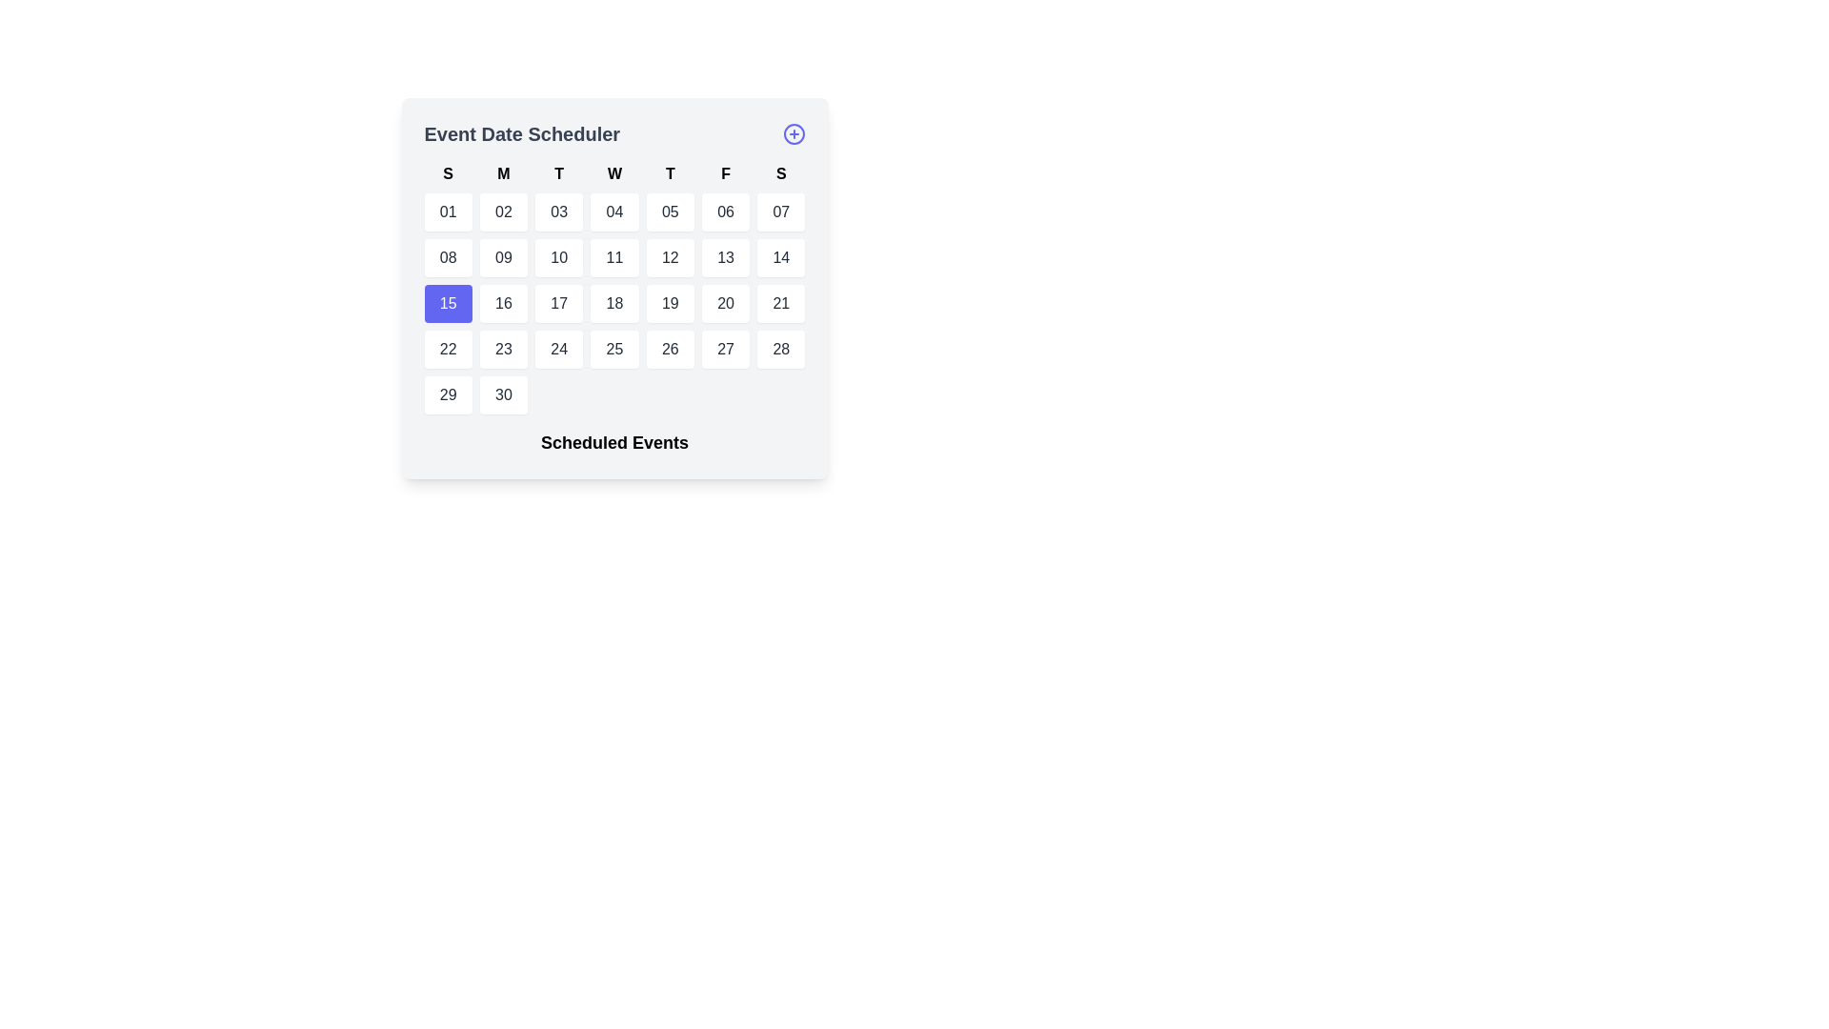 This screenshot has width=1829, height=1029. Describe the element at coordinates (558, 257) in the screenshot. I see `the rectangular calendar cell containing the text '10', which is located in the second row and third column of the calendar grid` at that location.